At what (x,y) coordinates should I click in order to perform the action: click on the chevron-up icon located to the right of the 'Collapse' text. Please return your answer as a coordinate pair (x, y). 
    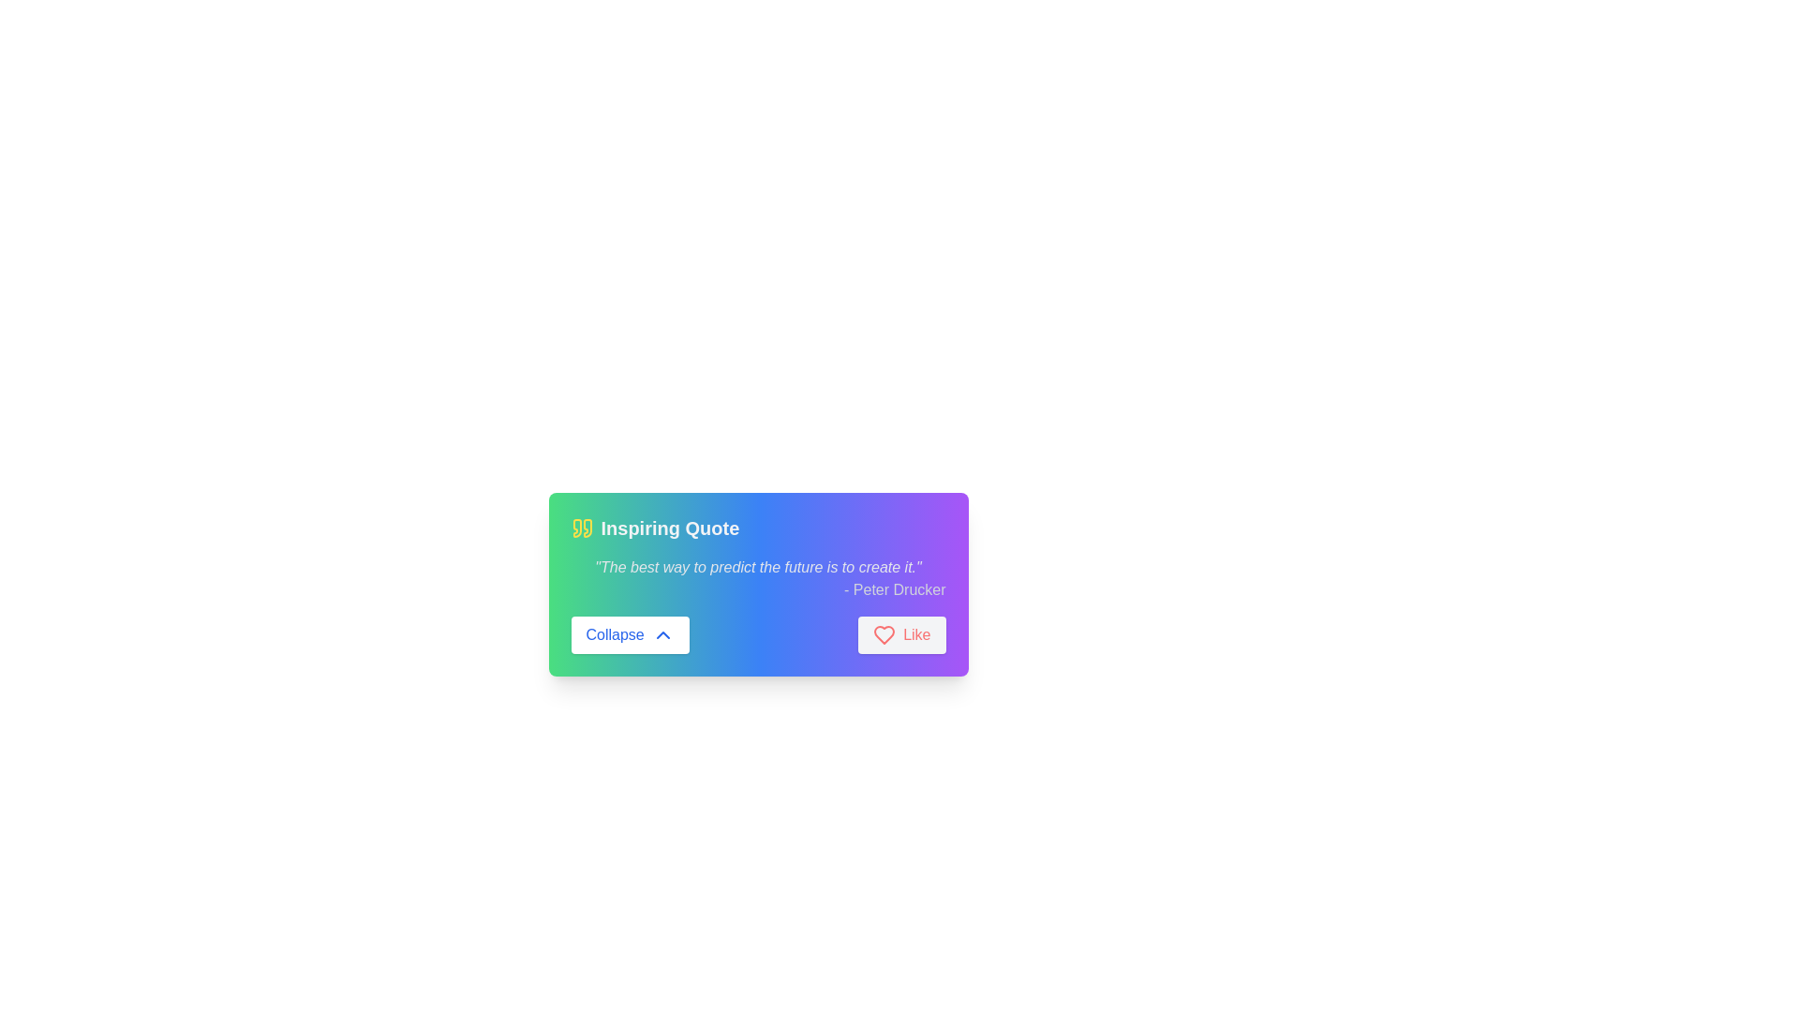
    Looking at the image, I should click on (662, 634).